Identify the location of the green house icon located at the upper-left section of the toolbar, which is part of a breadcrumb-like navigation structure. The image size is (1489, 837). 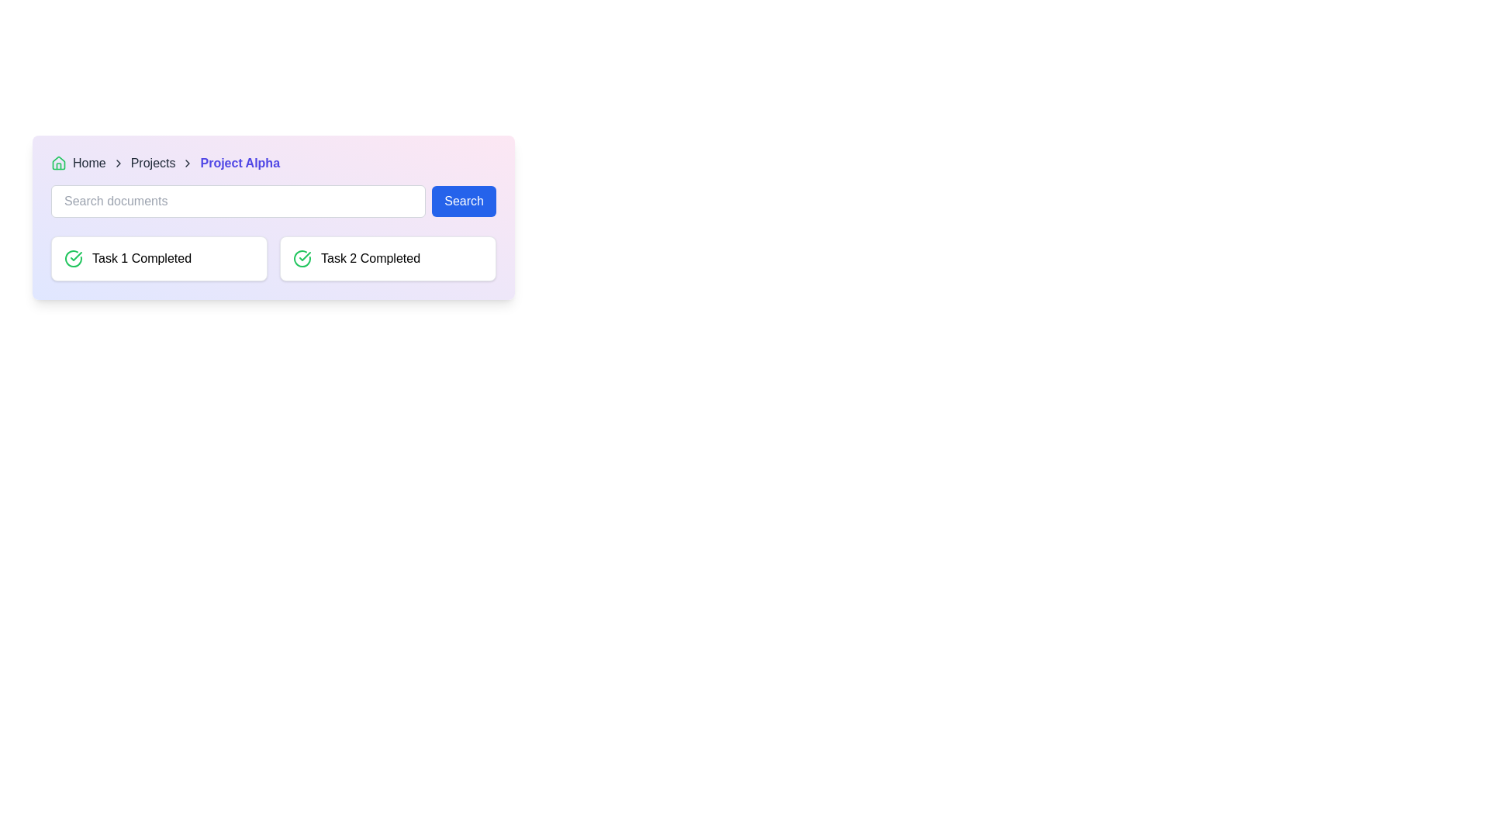
(59, 162).